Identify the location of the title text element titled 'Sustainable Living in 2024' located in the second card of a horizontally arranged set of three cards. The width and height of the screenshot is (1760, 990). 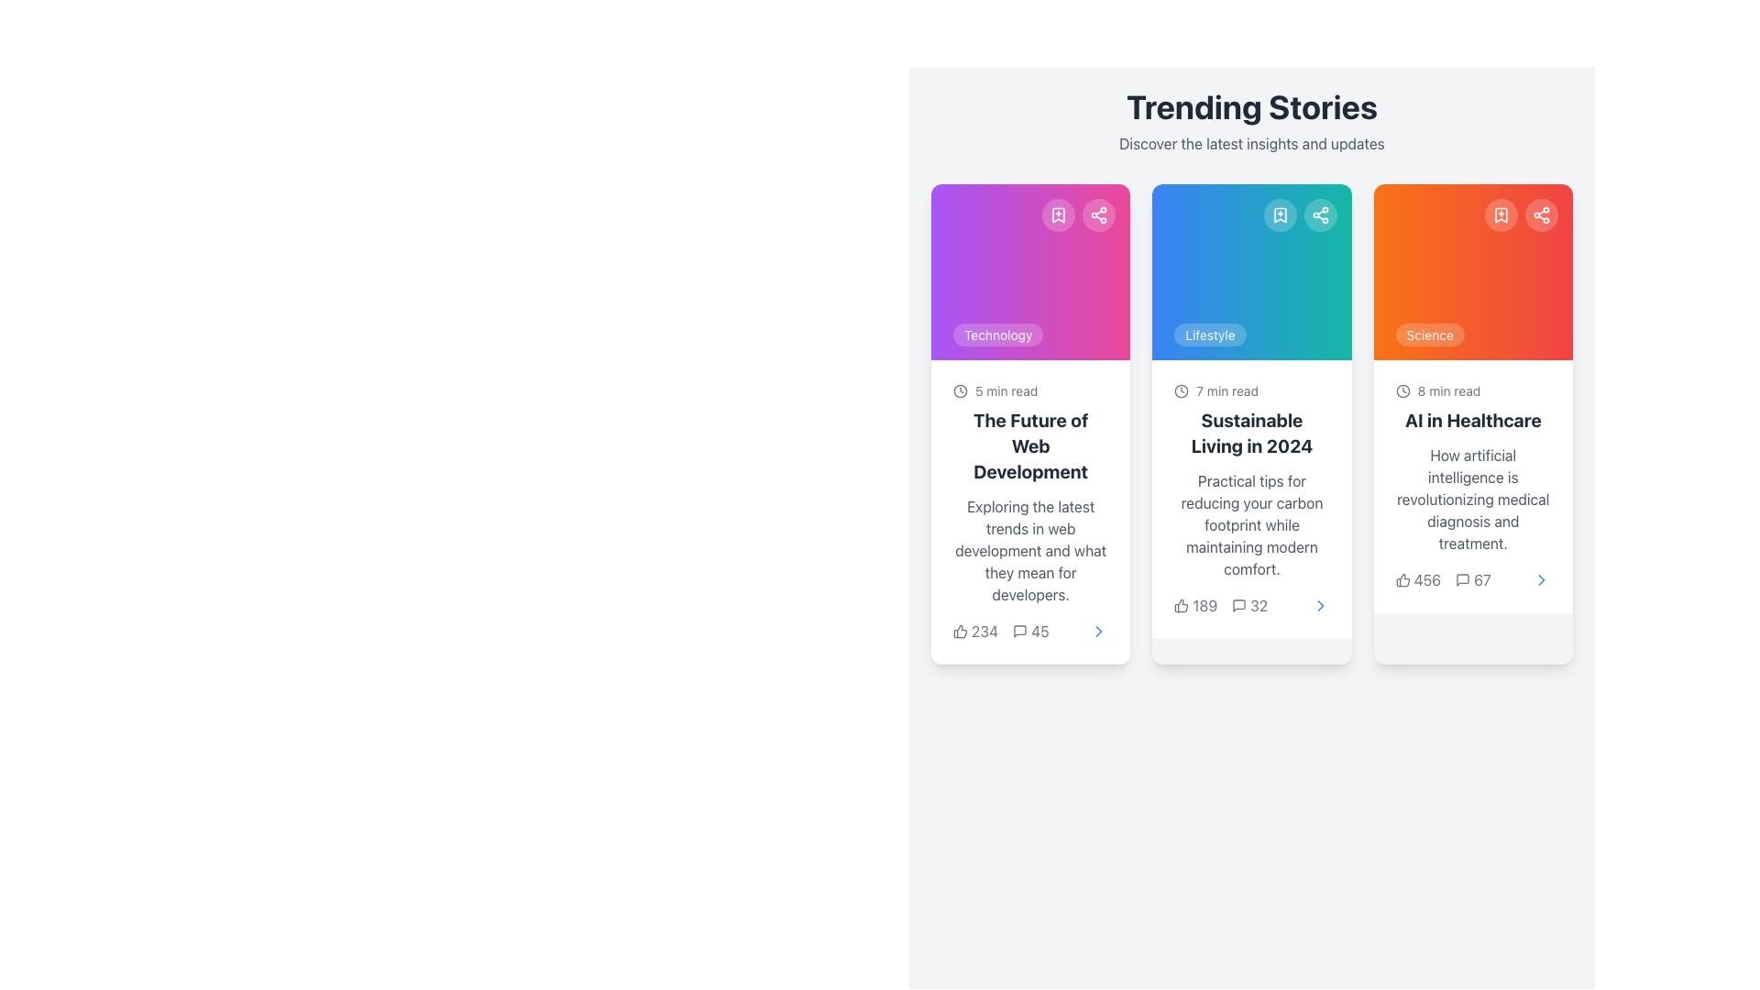
(1251, 434).